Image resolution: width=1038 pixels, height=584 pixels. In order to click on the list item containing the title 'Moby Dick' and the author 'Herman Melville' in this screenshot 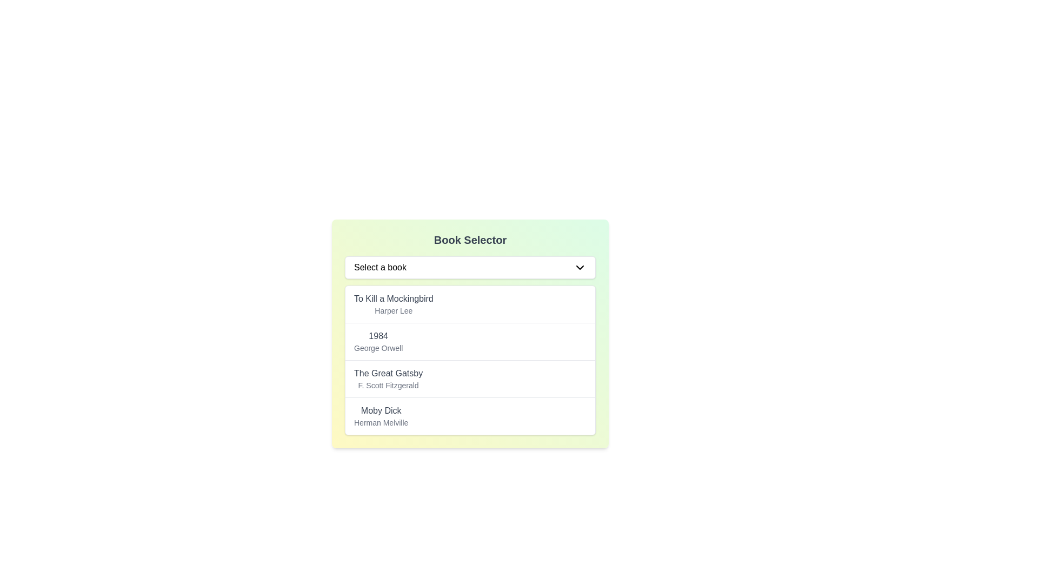, I will do `click(381, 416)`.